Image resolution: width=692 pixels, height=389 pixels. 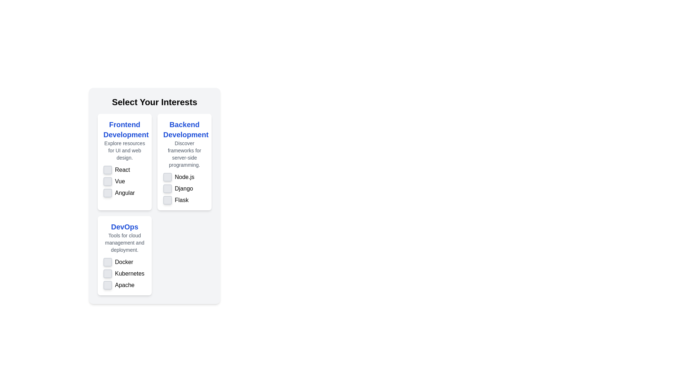 What do you see at coordinates (185, 162) in the screenshot?
I see `the checkbox associated with the item 'Node.js' in the informational card titled 'Backend Development'` at bounding box center [185, 162].